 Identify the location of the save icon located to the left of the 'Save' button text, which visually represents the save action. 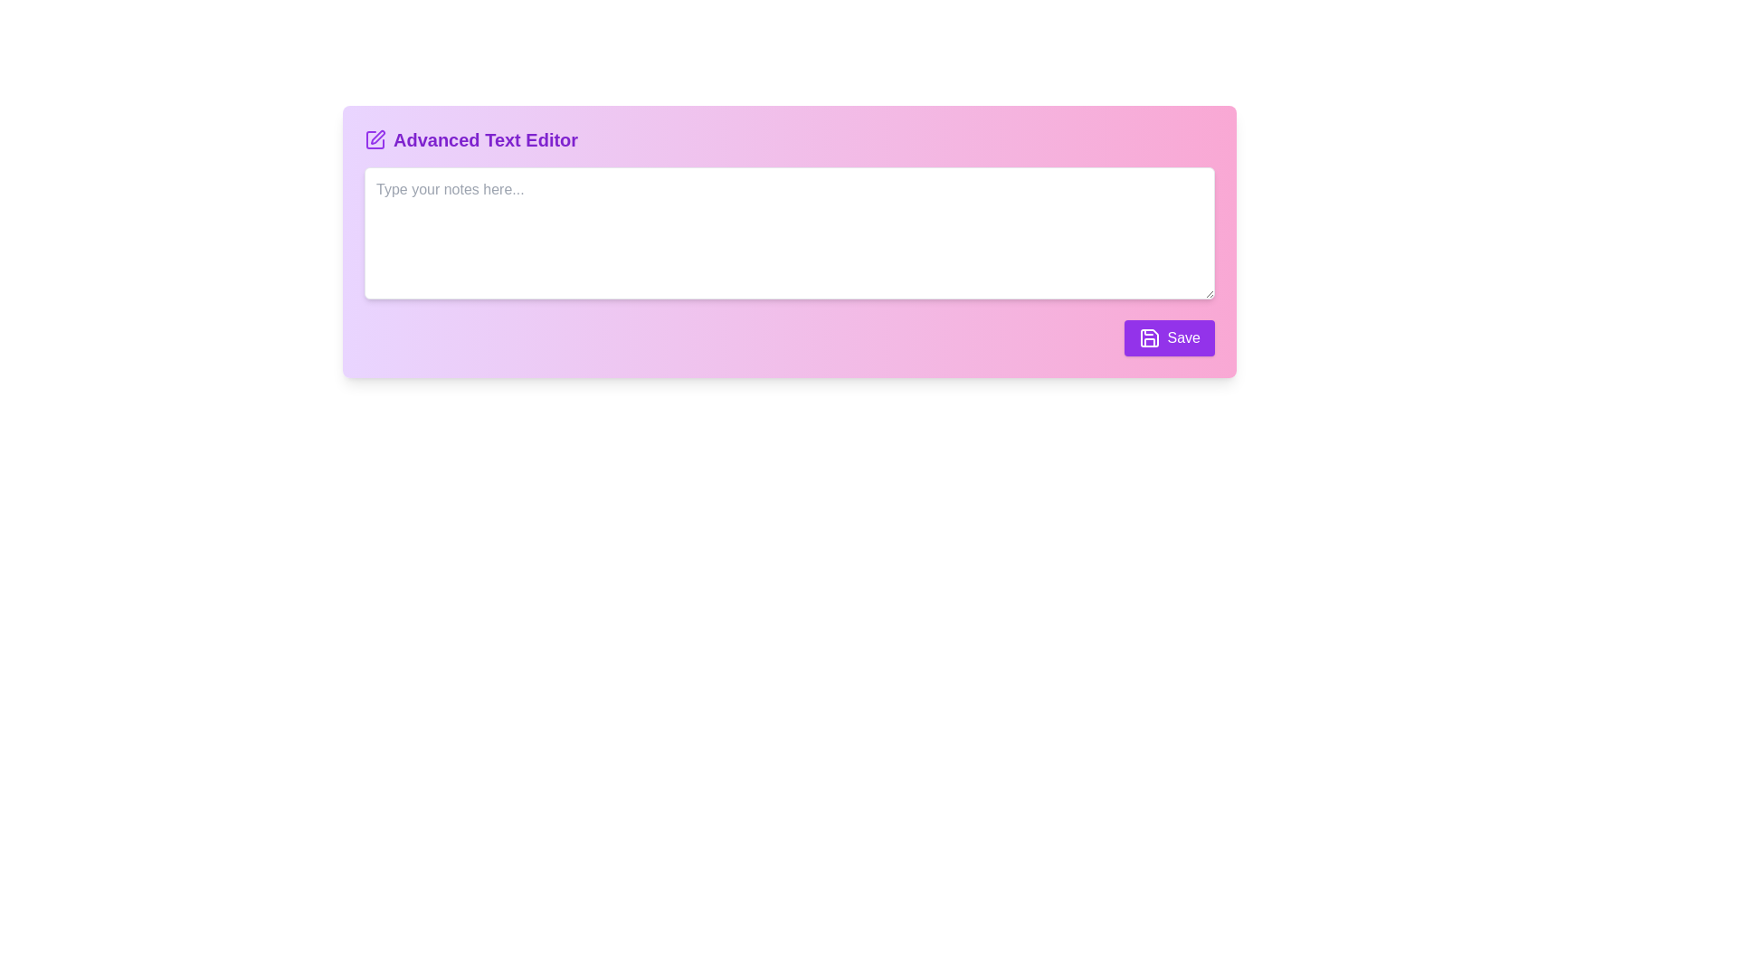
(1148, 338).